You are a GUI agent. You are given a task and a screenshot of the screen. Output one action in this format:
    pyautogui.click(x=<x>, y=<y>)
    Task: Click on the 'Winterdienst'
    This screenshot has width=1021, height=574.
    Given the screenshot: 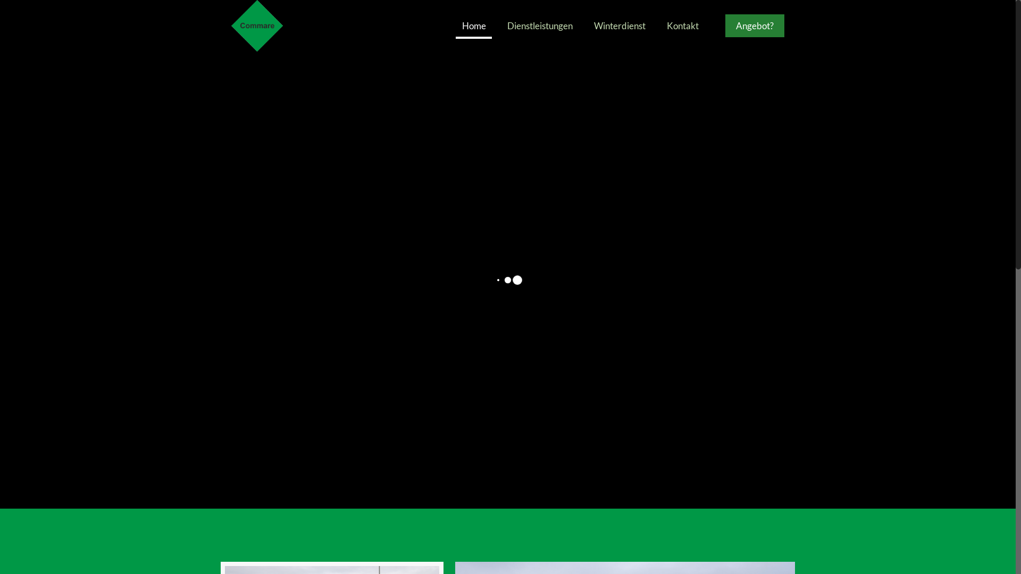 What is the action you would take?
    pyautogui.click(x=620, y=25)
    